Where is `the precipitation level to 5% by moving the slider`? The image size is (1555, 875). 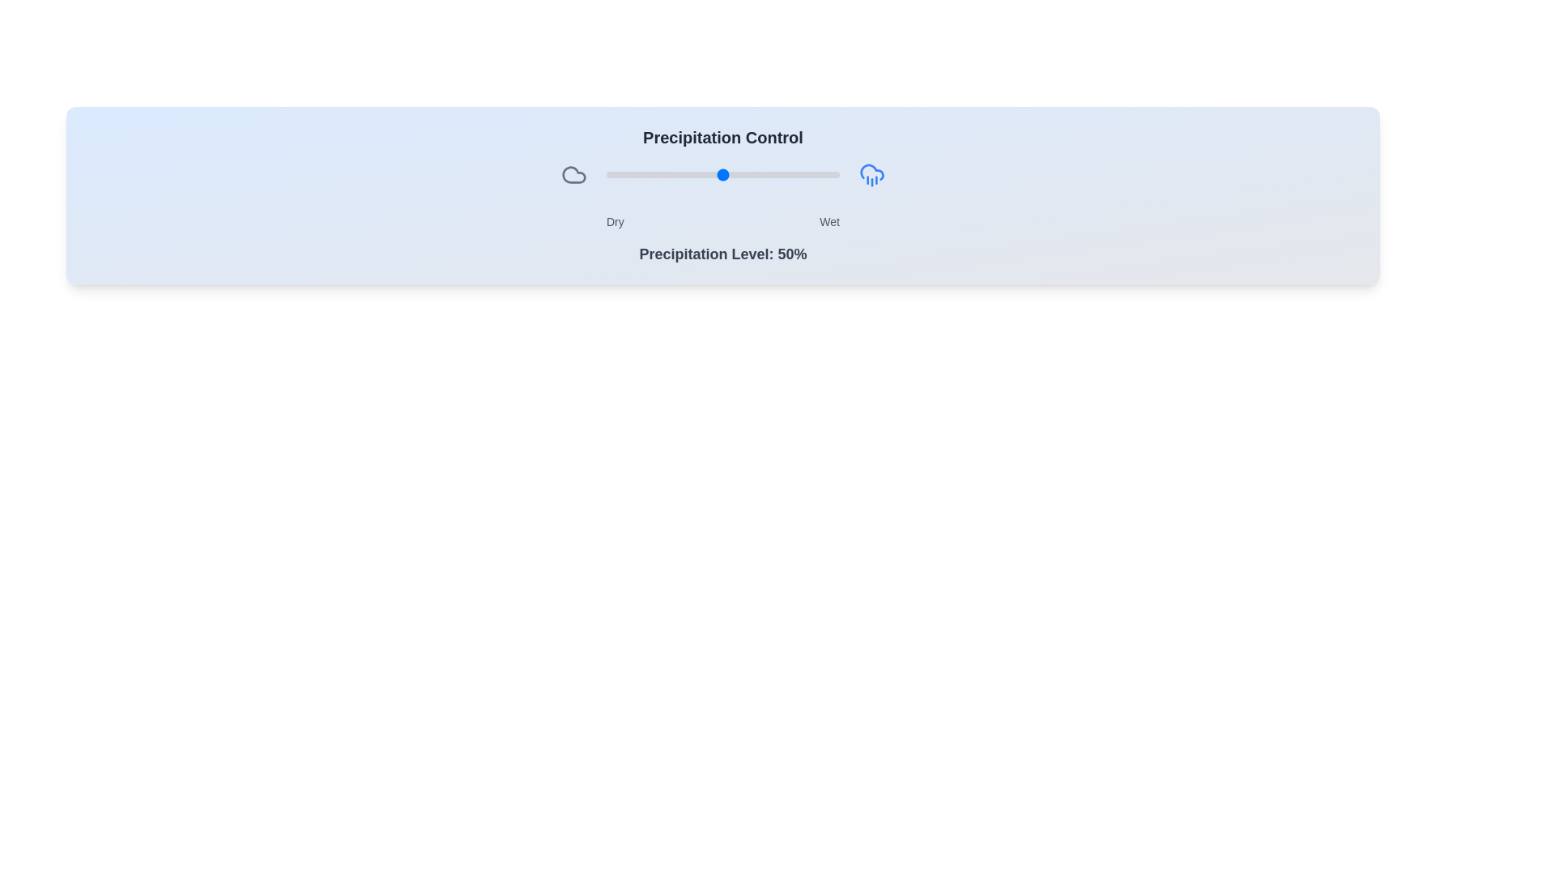
the precipitation level to 5% by moving the slider is located at coordinates (617, 175).